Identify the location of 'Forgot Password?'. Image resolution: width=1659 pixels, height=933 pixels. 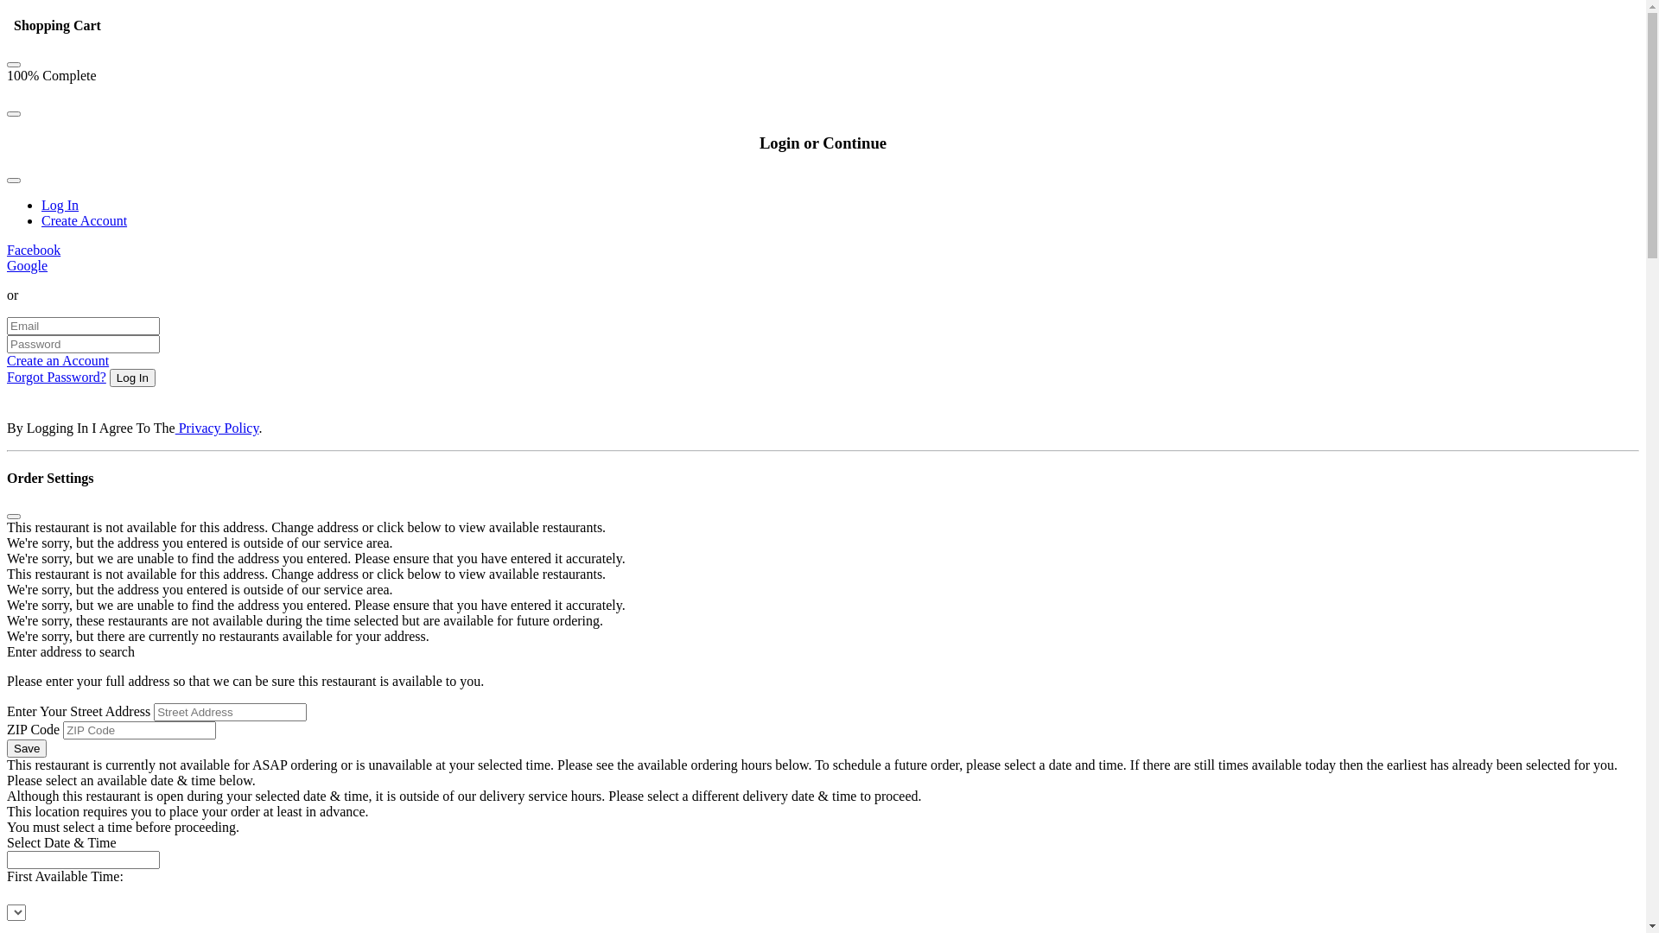
(56, 376).